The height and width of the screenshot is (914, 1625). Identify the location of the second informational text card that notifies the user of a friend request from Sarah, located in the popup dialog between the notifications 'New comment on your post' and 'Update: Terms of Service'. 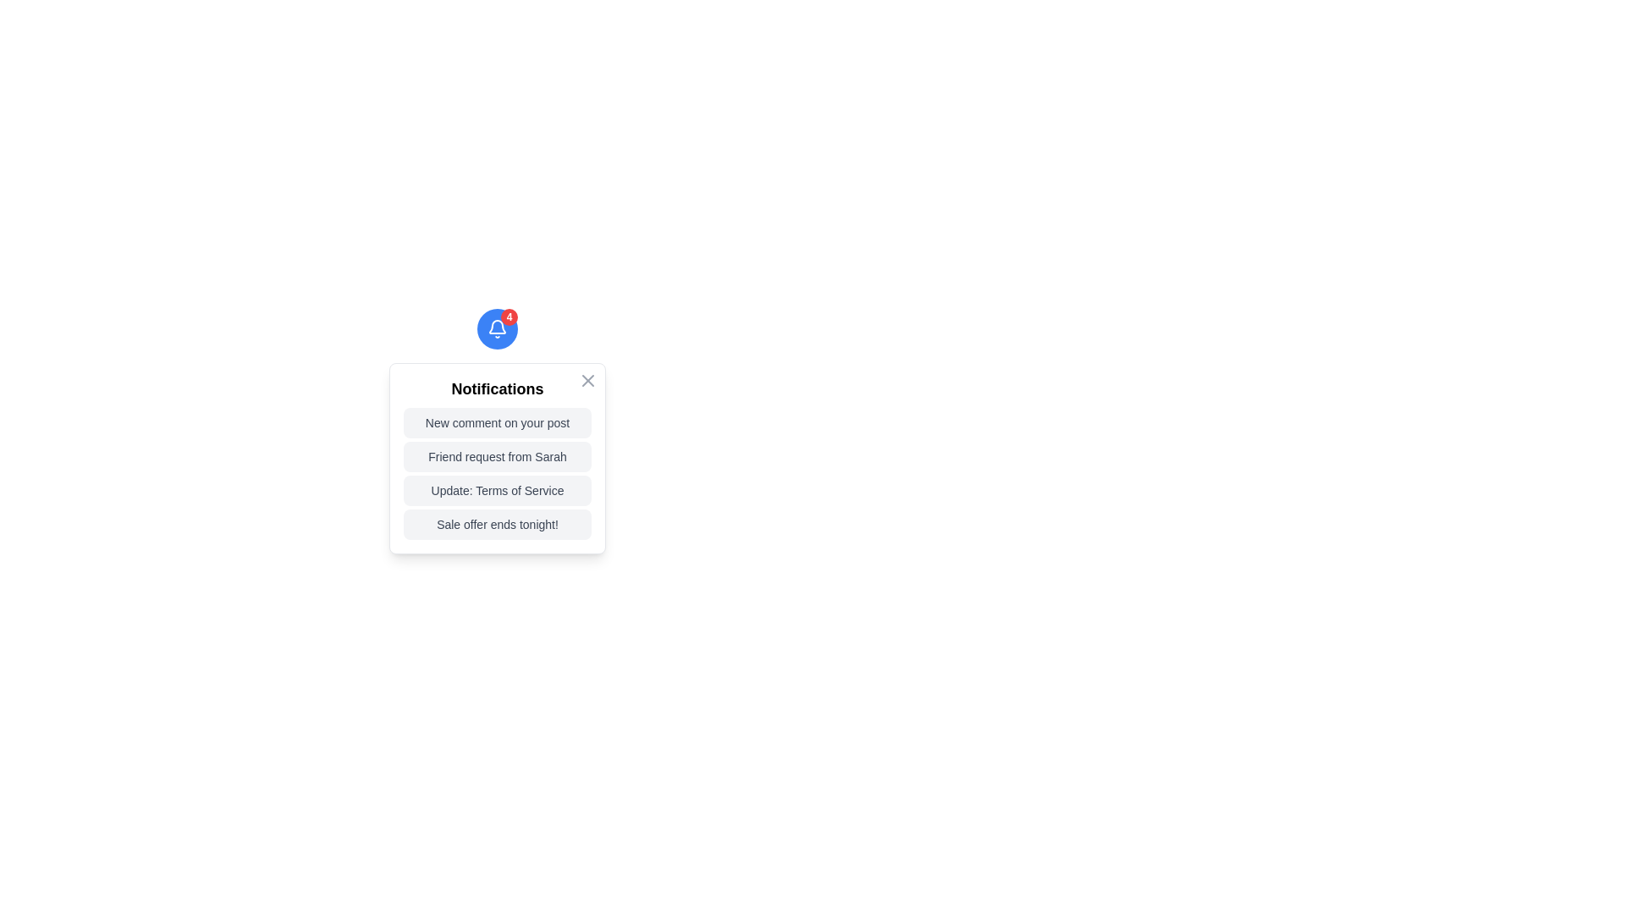
(497, 457).